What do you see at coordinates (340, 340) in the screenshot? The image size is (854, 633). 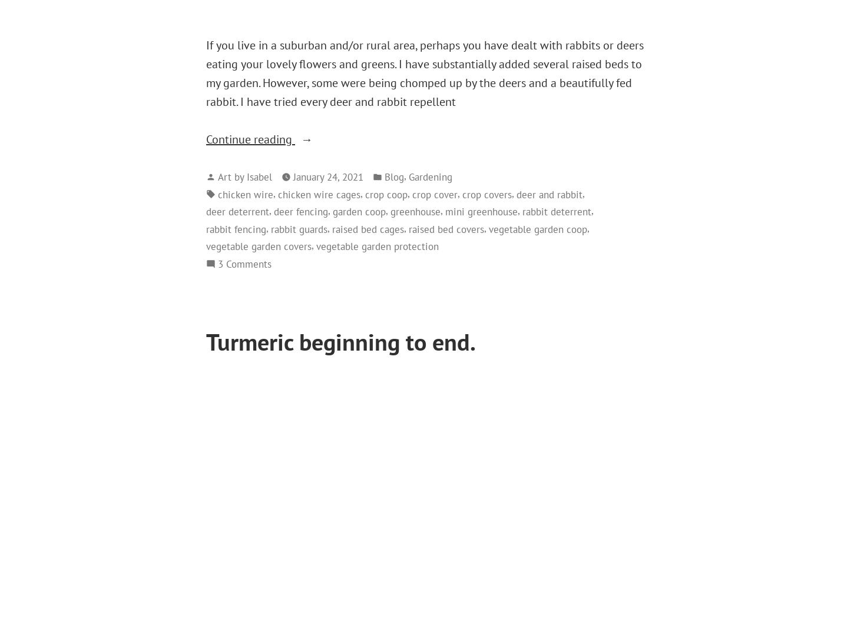 I see `'Turmeric beginning to end.'` at bounding box center [340, 340].